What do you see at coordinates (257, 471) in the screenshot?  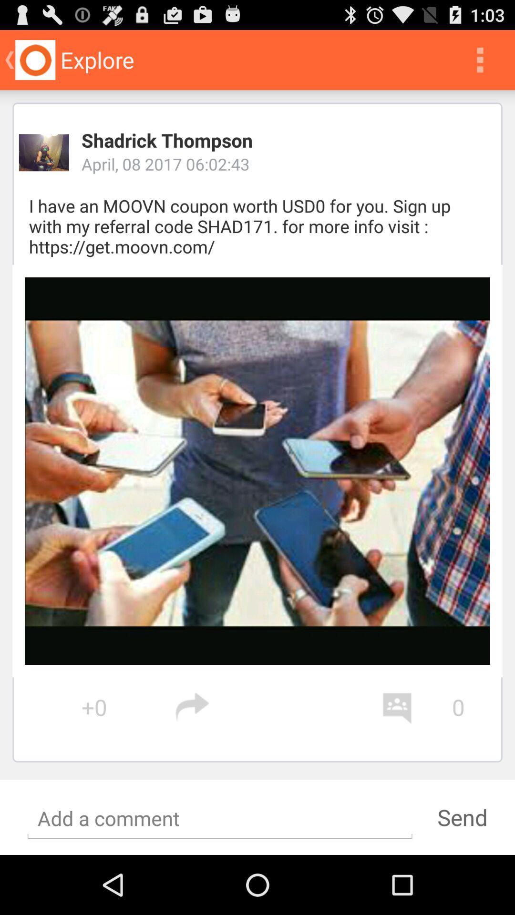 I see `the image at center of the page` at bounding box center [257, 471].